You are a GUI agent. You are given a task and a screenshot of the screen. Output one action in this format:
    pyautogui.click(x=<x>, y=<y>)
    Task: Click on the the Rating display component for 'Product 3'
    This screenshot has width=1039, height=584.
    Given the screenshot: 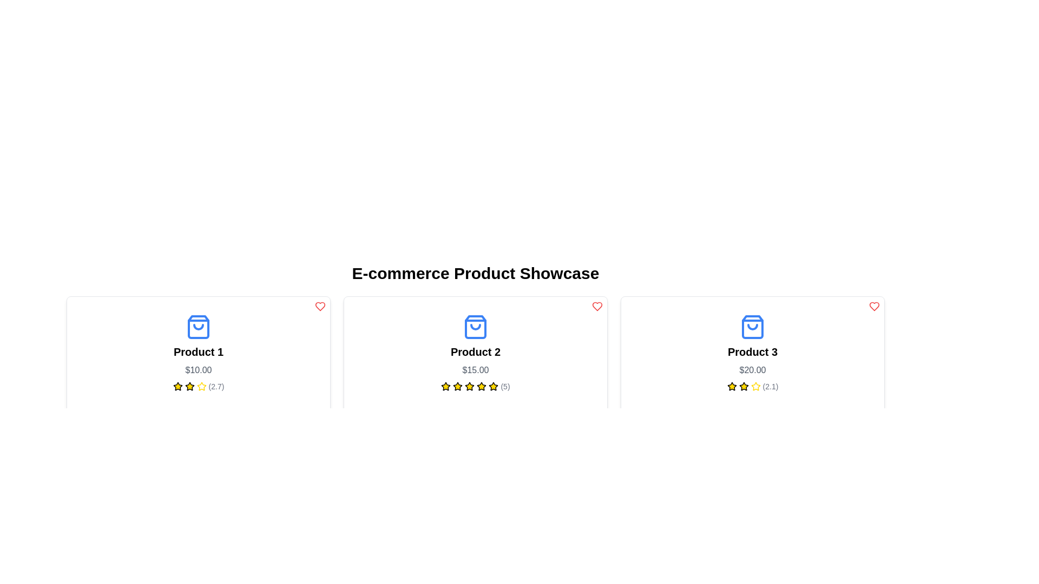 What is the action you would take?
    pyautogui.click(x=752, y=386)
    